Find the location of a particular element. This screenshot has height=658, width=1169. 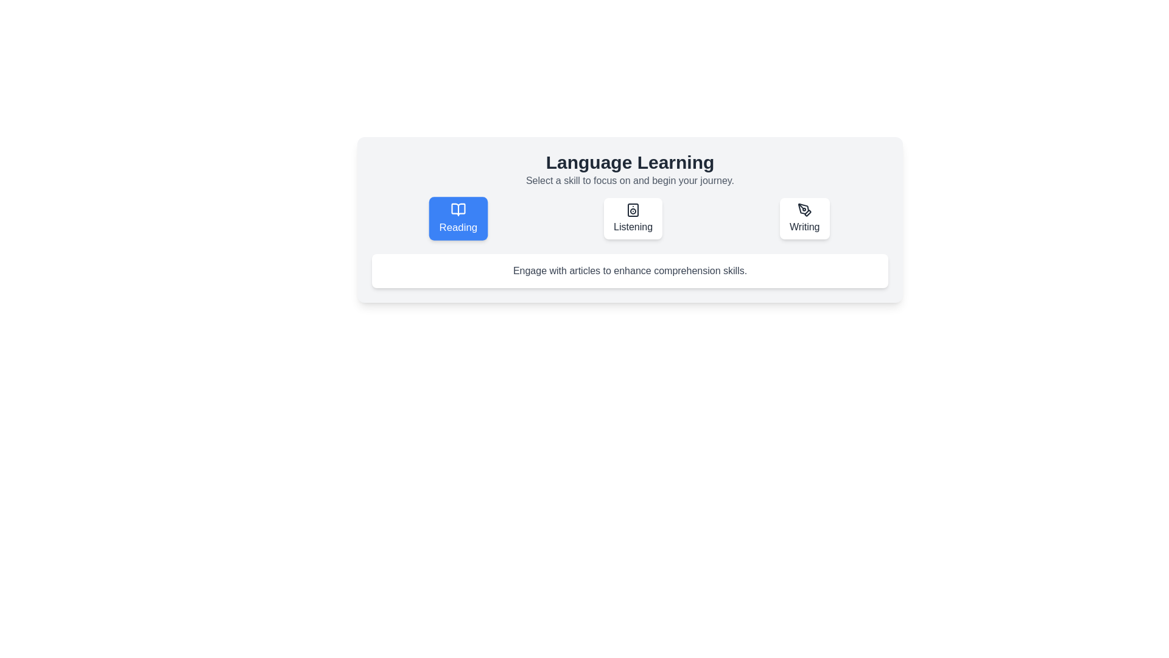

the static text that reads 'Select a skill to focus on and begin your journey.', which is styled with a gray font and located below the 'Language Learning' title is located at coordinates (630, 181).